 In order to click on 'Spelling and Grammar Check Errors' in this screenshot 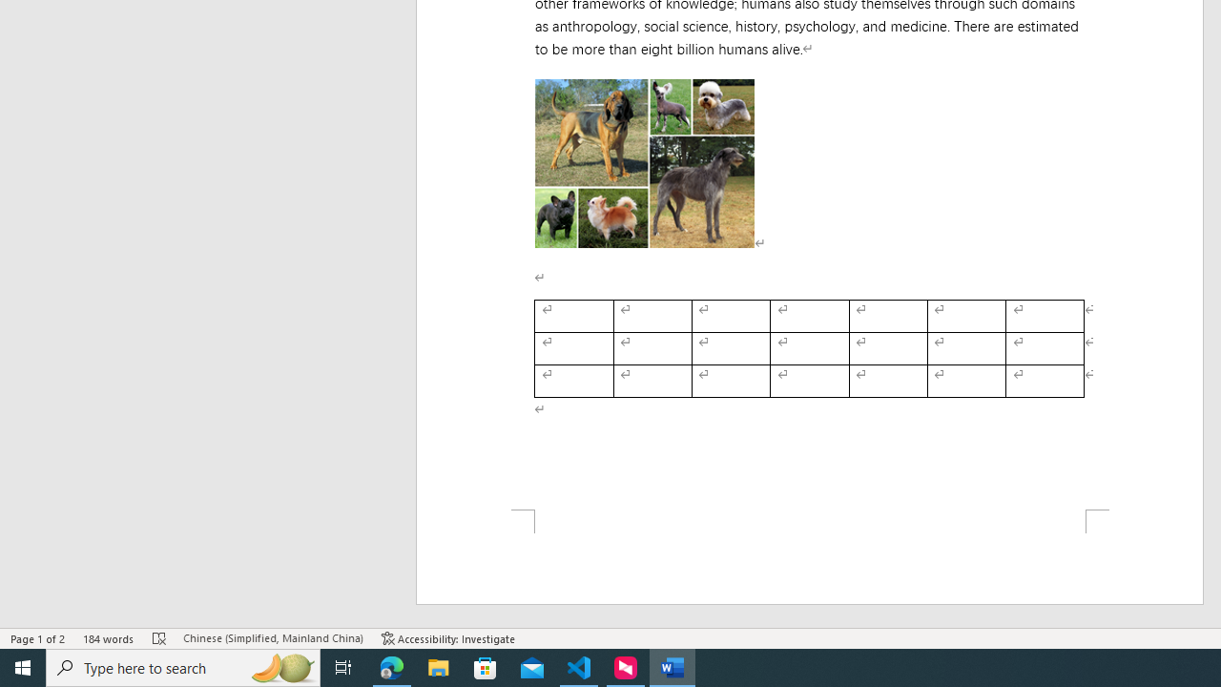, I will do `click(160, 638)`.